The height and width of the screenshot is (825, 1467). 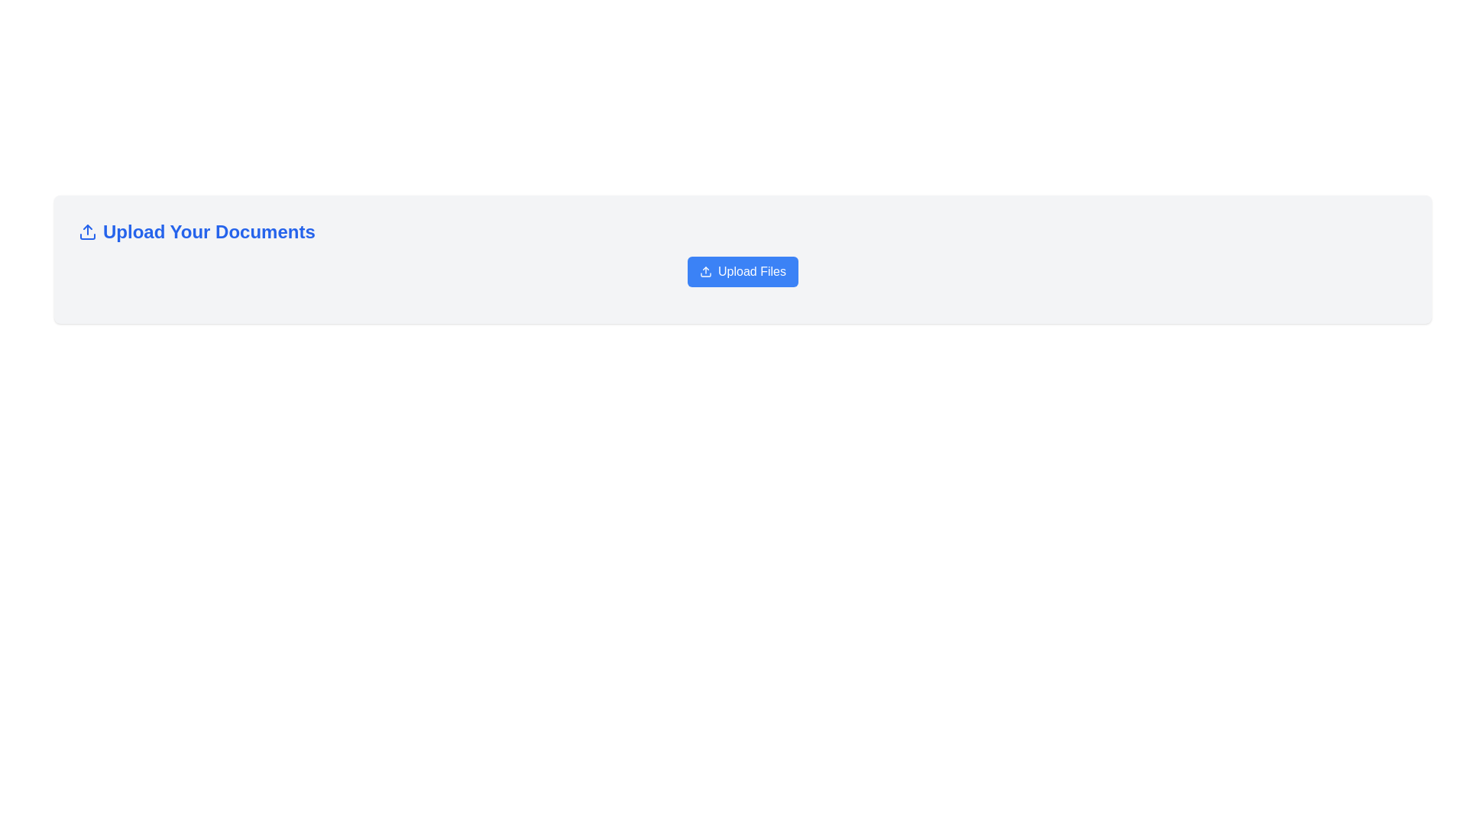 I want to click on the button located centrally beneath the heading 'Upload Your Documents' with a light gray background, so click(x=743, y=277).